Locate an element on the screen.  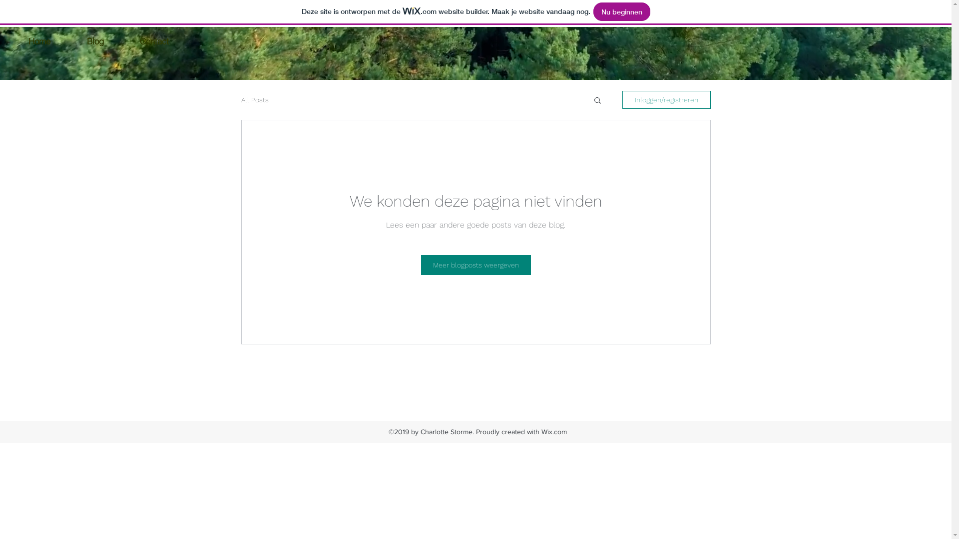
'Contact' is located at coordinates (153, 40).